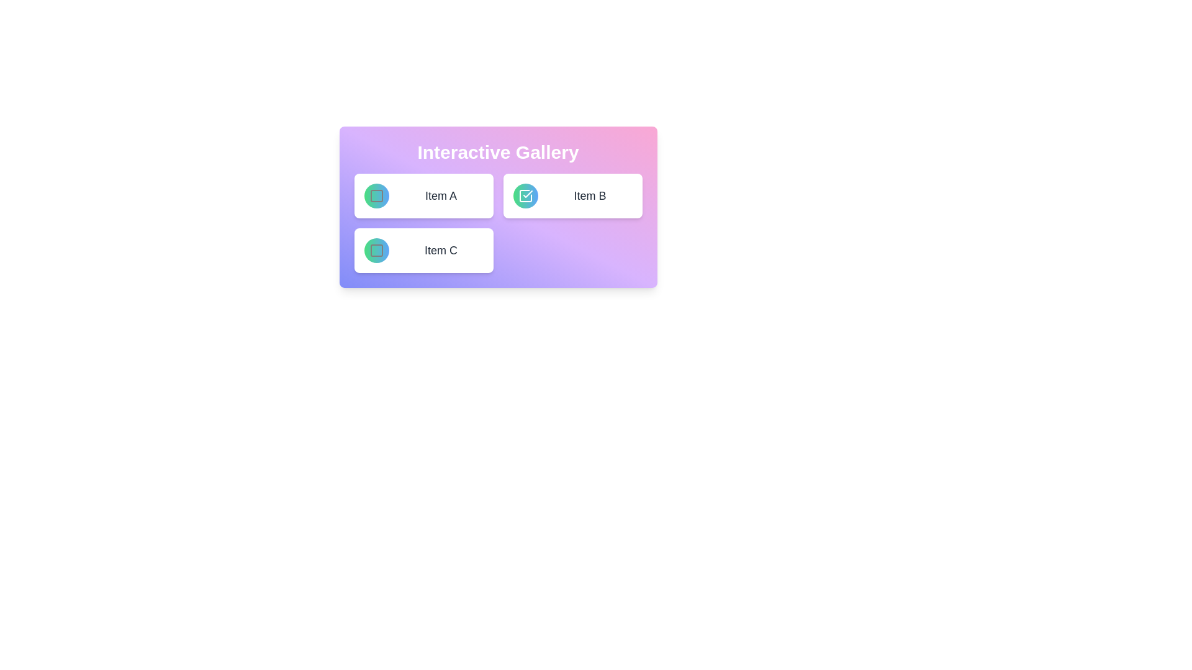  I want to click on the inner square icon with a gray border located inside the circular button of 'Item C' in the 'Interactive Gallery' interface, so click(376, 251).